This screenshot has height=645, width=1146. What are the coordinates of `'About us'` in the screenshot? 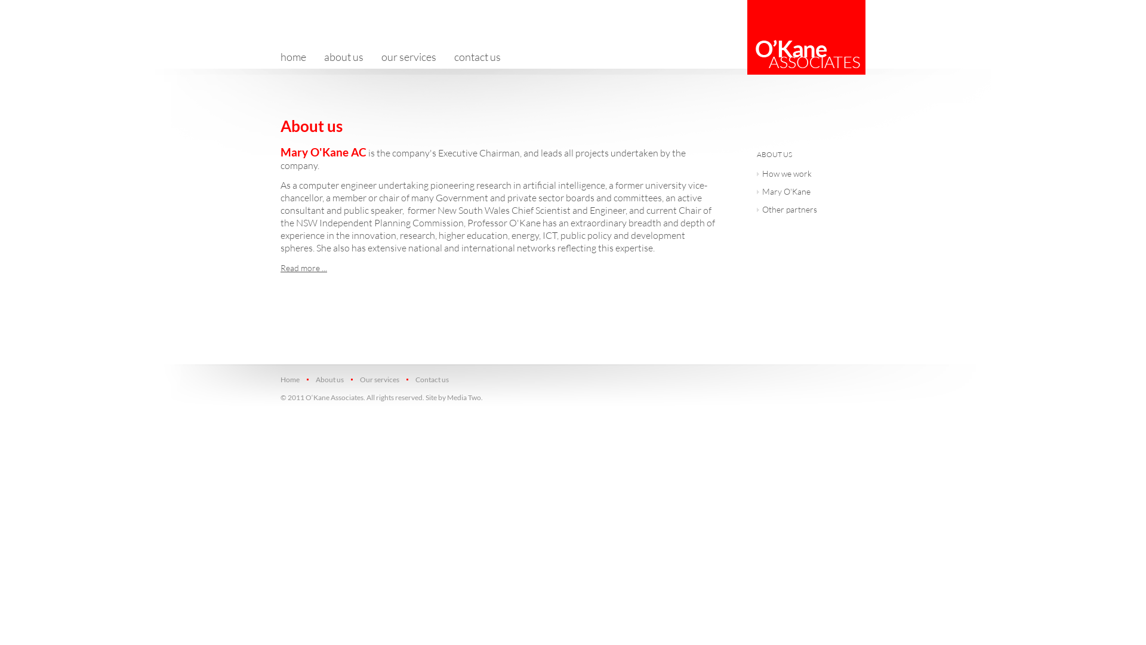 It's located at (329, 379).